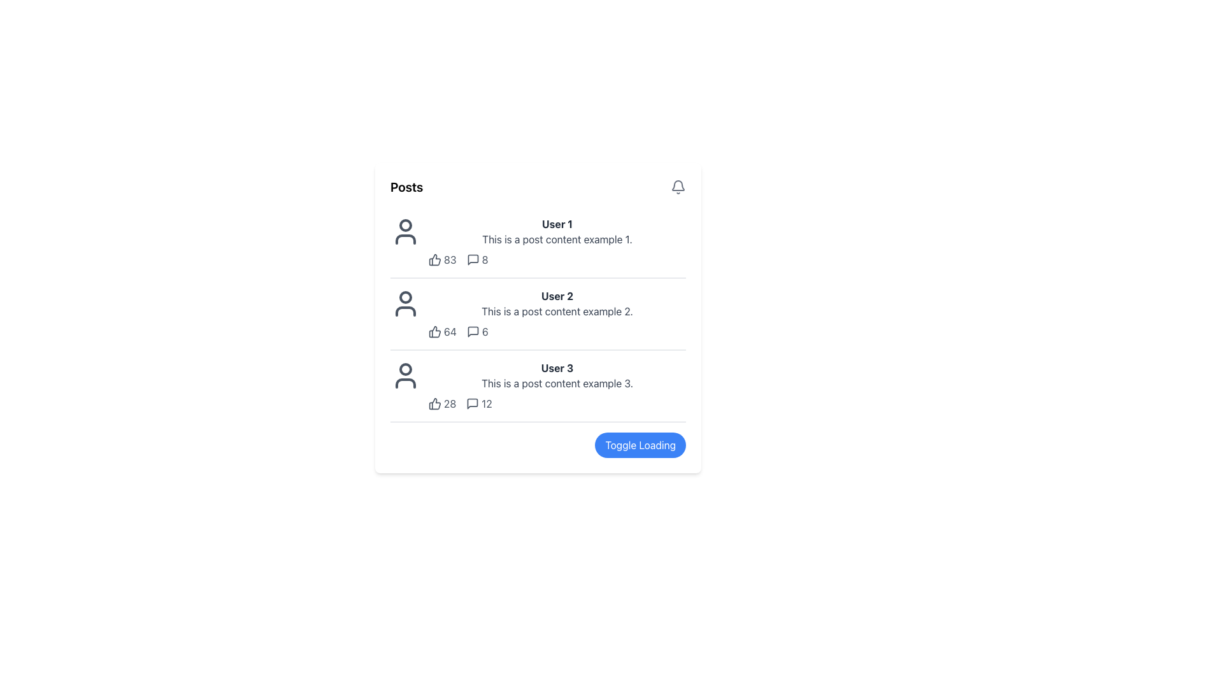 The width and height of the screenshot is (1223, 688). What do you see at coordinates (478, 403) in the screenshot?
I see `the chat bubble icon with the number '12'` at bounding box center [478, 403].